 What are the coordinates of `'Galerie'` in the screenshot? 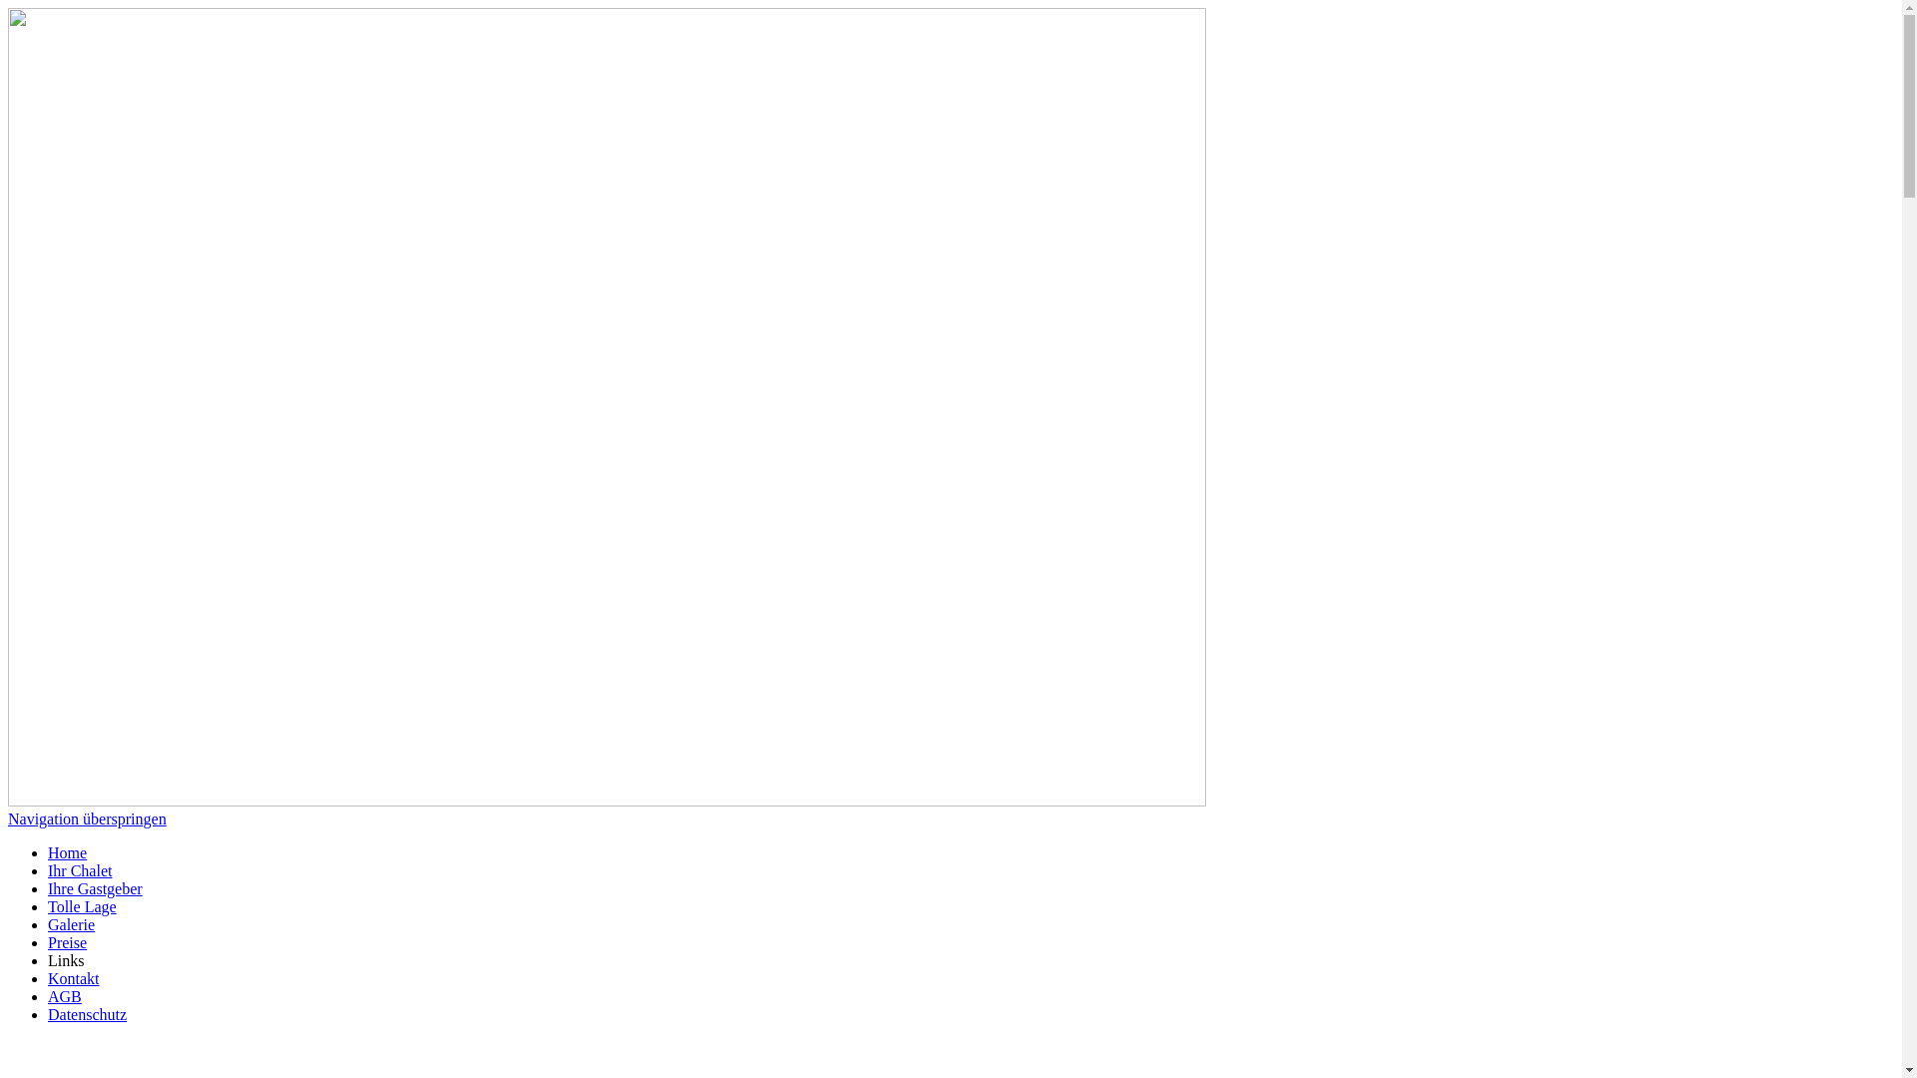 It's located at (71, 924).